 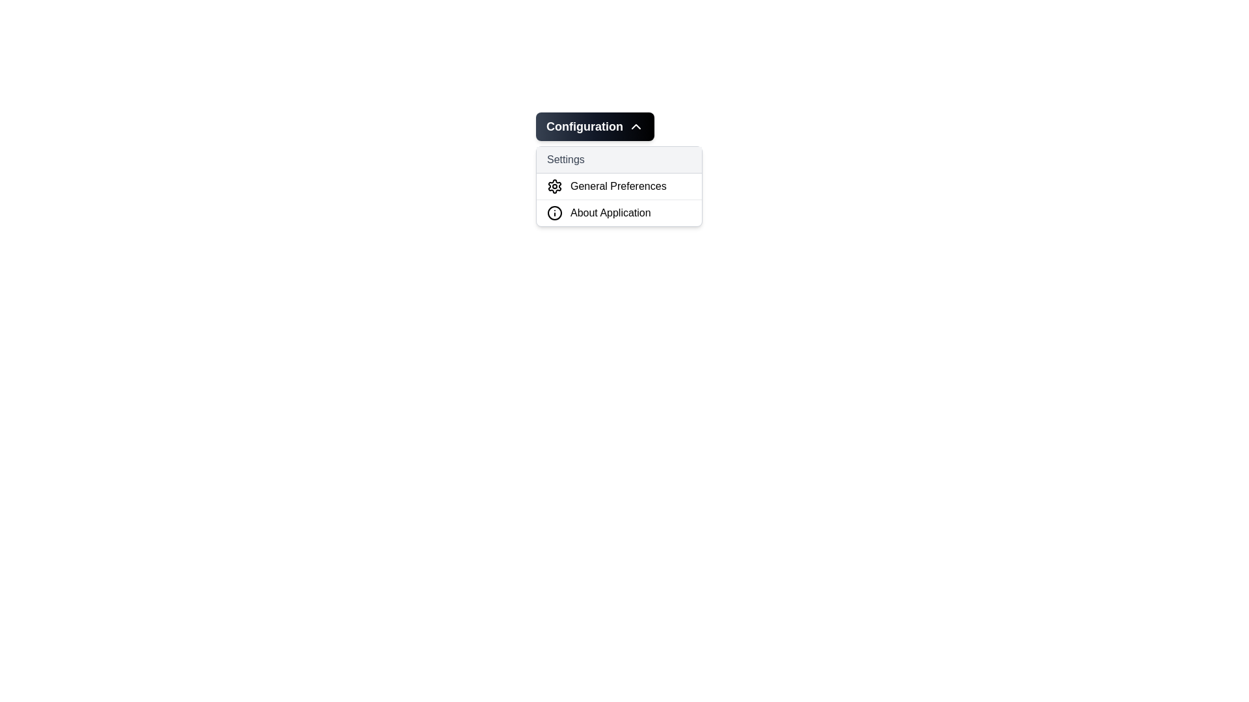 I want to click on the second menu option in the dropdown menu under the 'Configuration' button, so click(x=618, y=186).